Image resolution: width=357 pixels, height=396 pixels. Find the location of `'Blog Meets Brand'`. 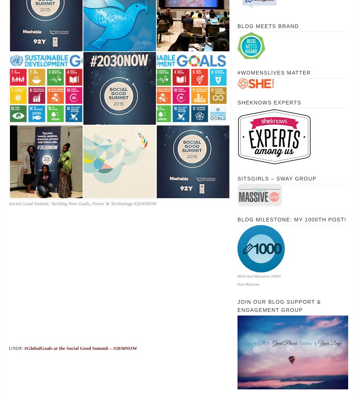

'Blog Meets Brand' is located at coordinates (237, 26).